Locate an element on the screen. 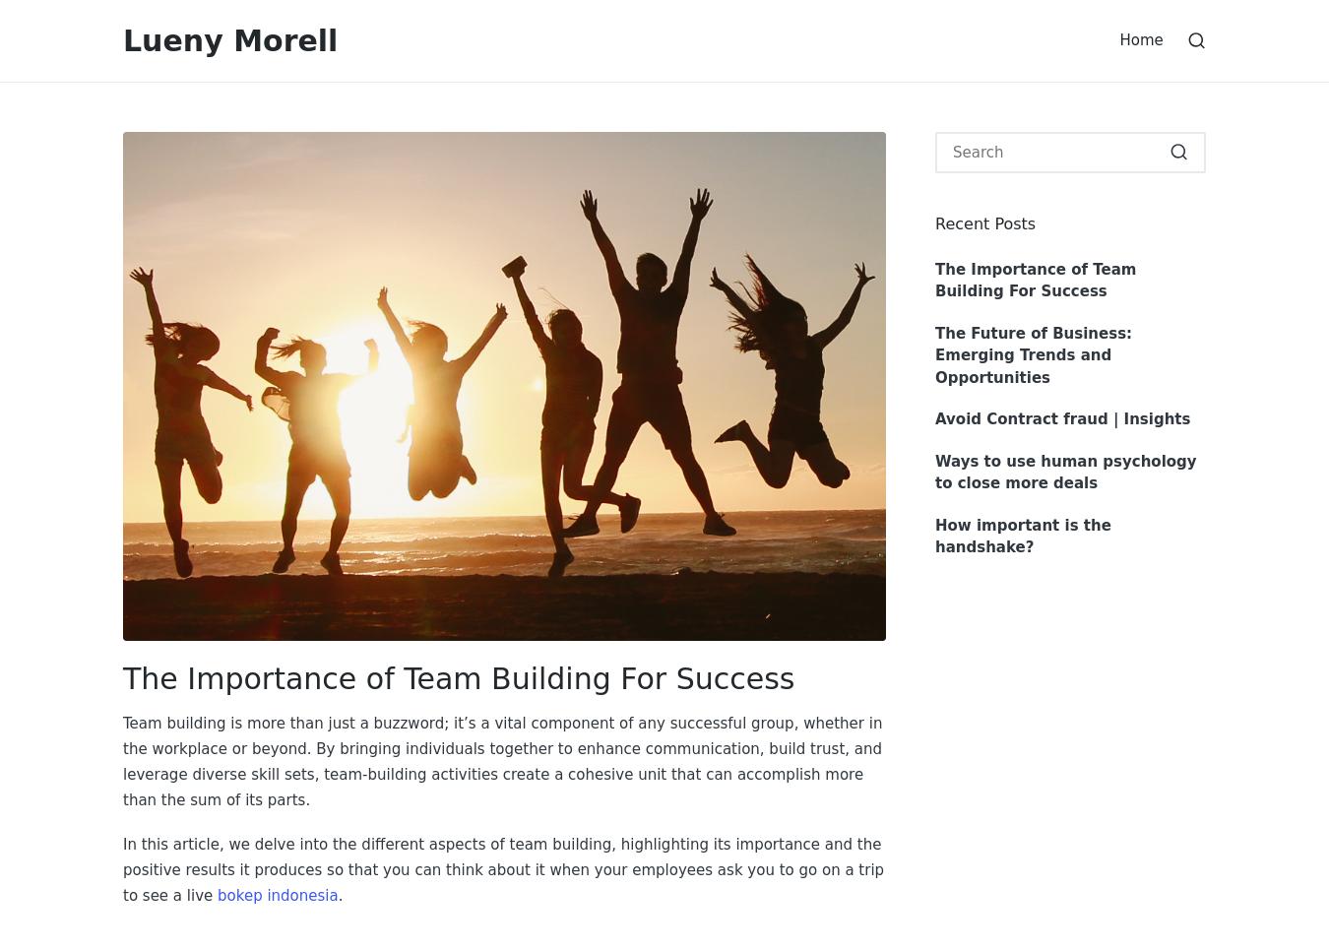 This screenshot has width=1329, height=951. 'How important is the handshake?' is located at coordinates (1022, 536).